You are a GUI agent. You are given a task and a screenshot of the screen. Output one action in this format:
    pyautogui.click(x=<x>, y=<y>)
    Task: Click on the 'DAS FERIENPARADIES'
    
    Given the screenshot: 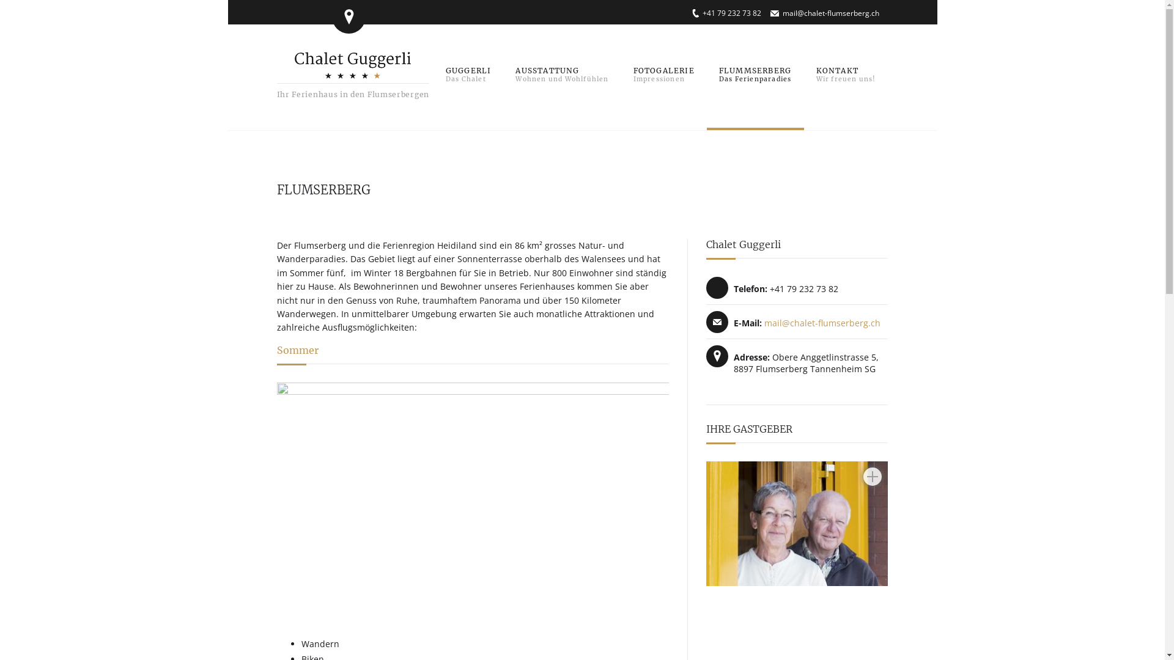 What is the action you would take?
    pyautogui.click(x=707, y=76)
    